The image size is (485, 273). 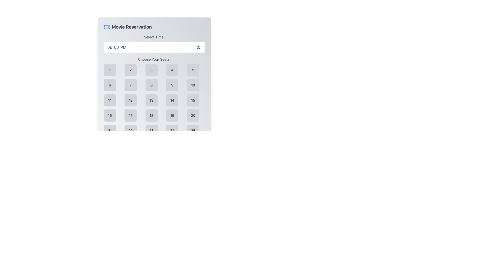 I want to click on the button representing option 25, which is the last entry in the grid layout located at the bottom-right corner, so click(x=193, y=130).